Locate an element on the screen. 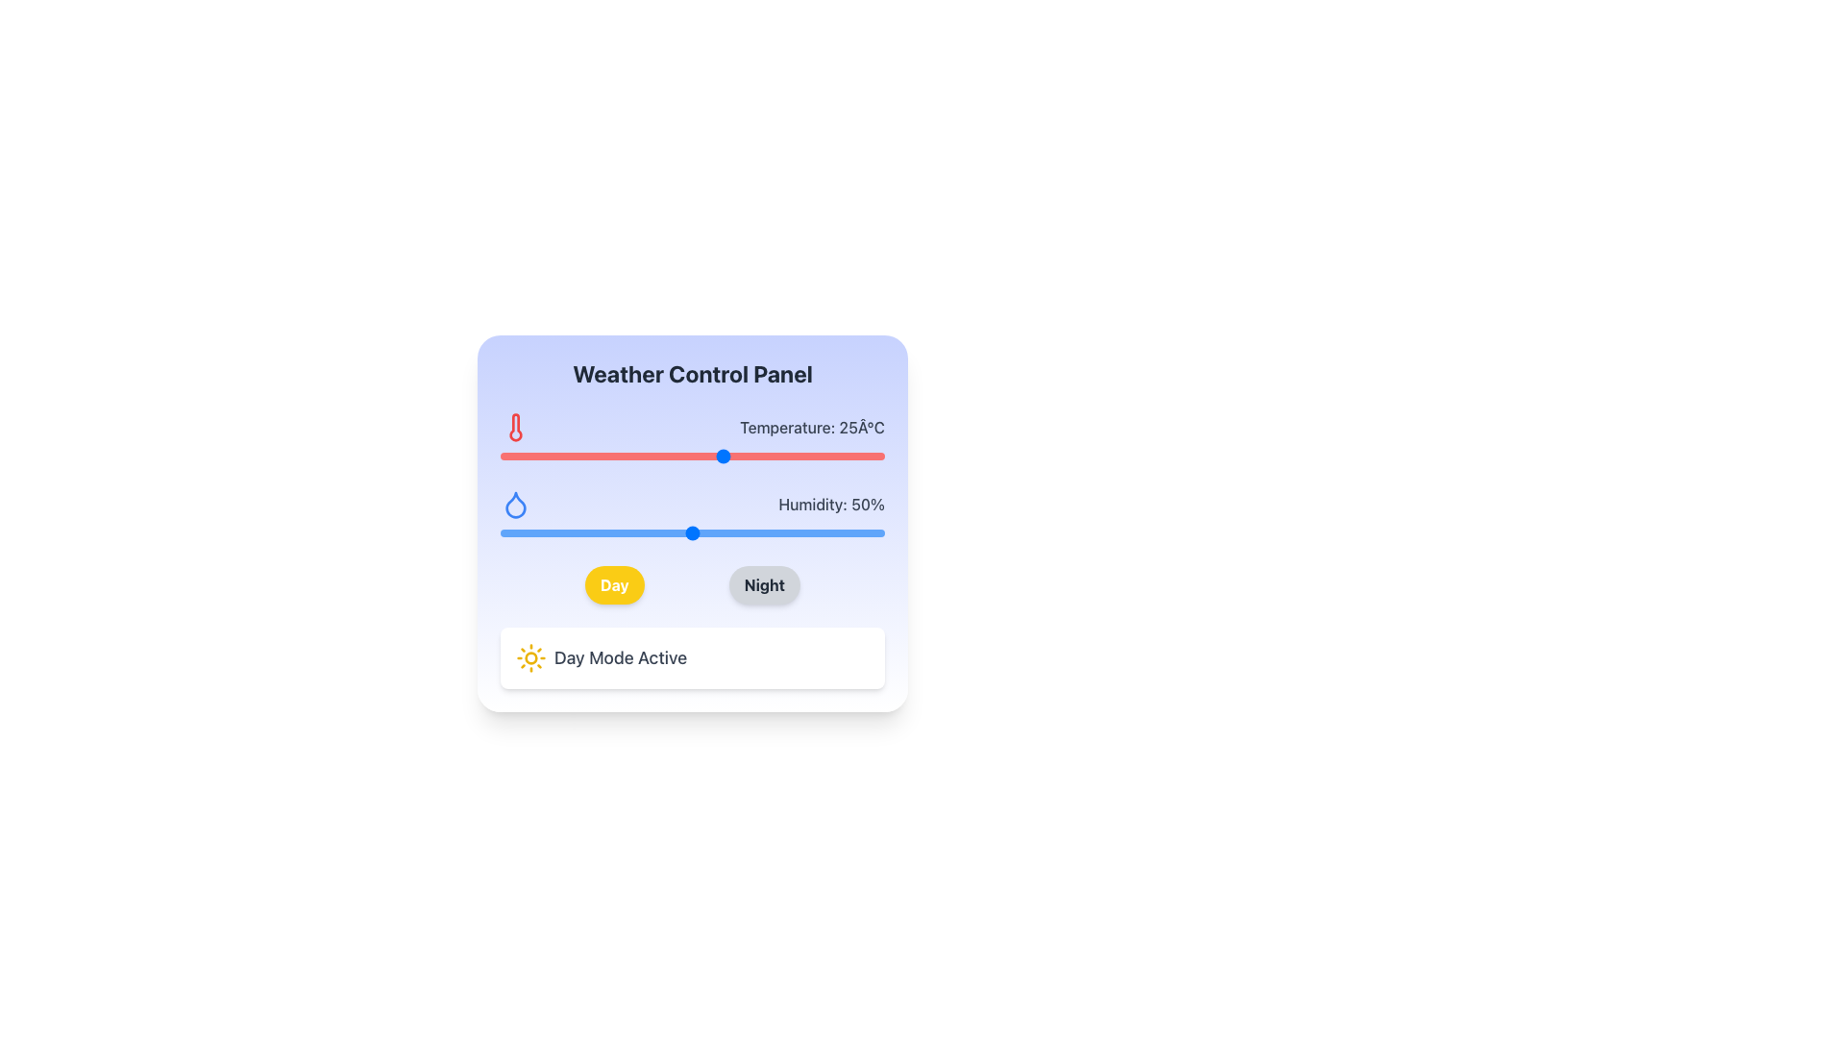 The width and height of the screenshot is (1845, 1038). the rounded button labeled 'Night' with a gray background is located at coordinates (763, 584).